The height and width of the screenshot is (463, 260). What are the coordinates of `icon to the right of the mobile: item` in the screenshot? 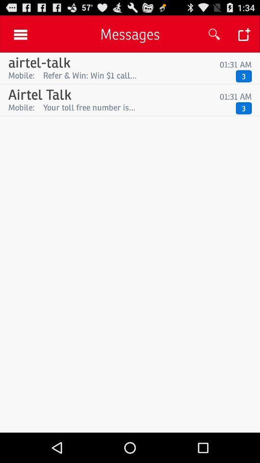 It's located at (137, 75).